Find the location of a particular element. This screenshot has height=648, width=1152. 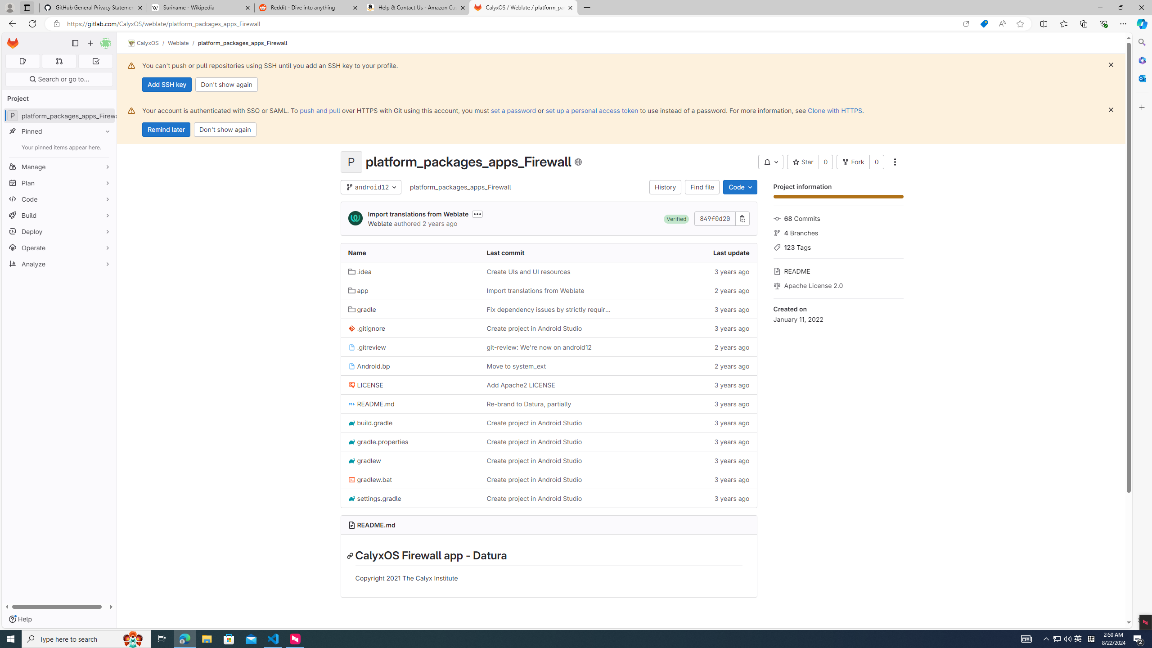

' Star' is located at coordinates (803, 162).